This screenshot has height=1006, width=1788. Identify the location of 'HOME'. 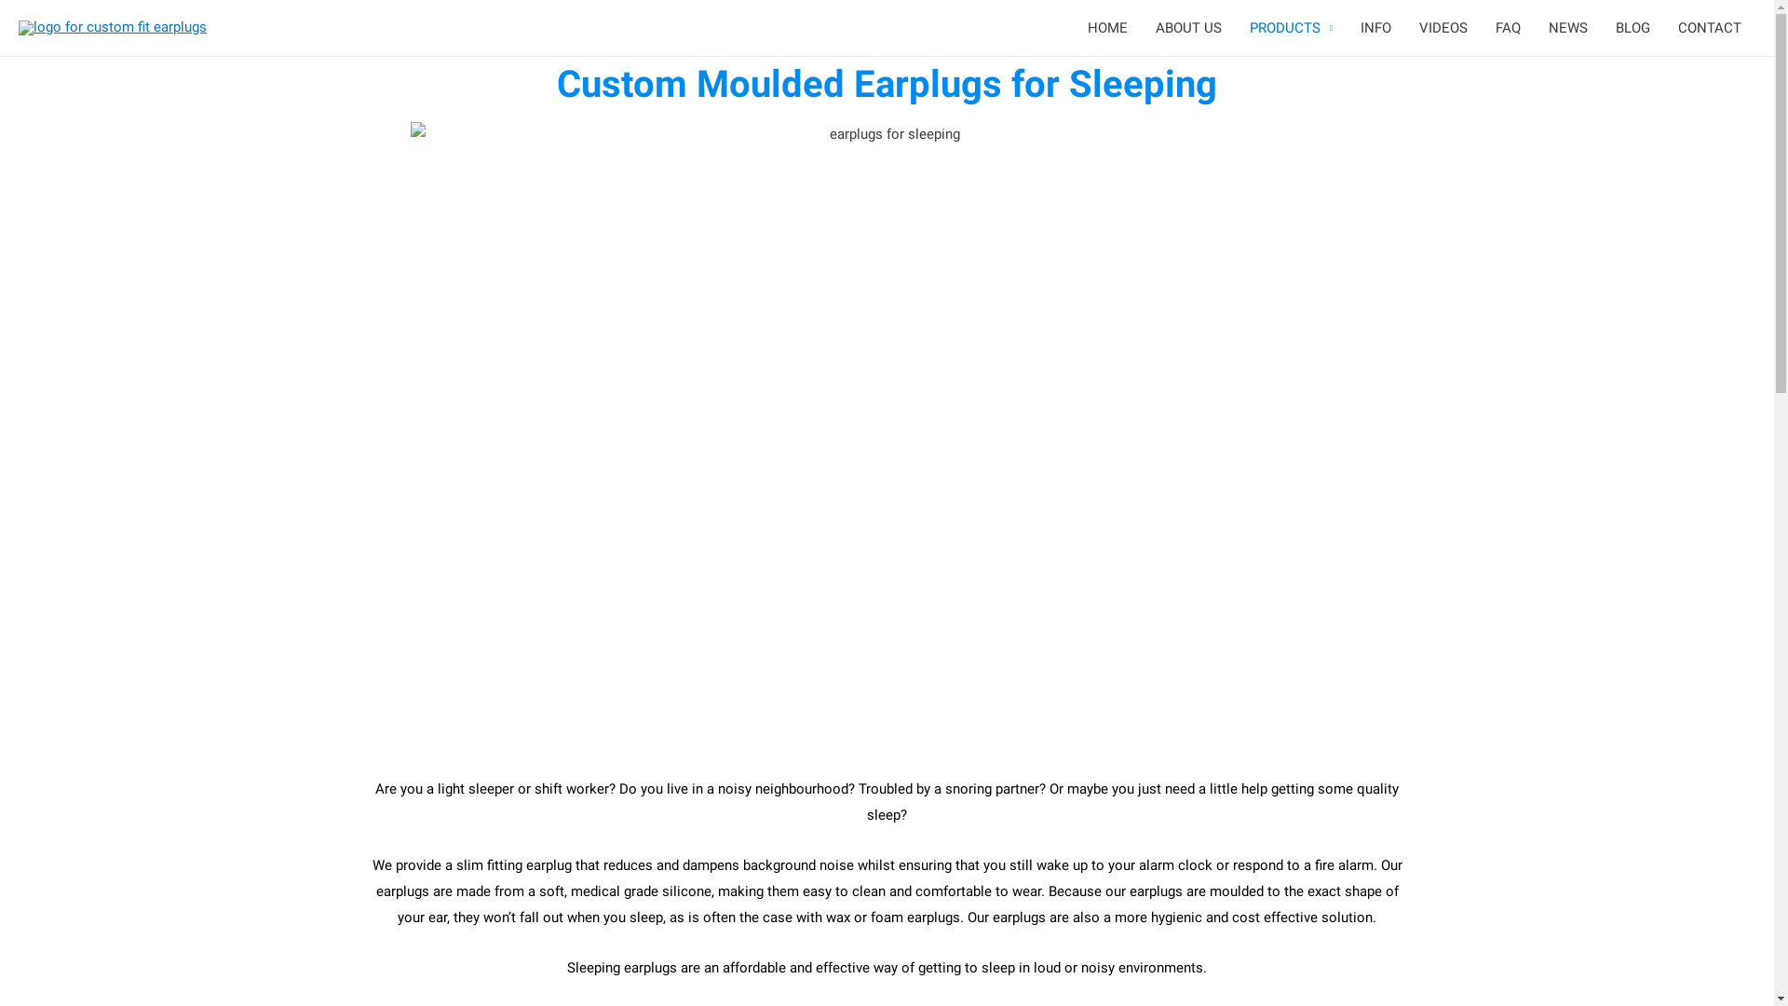
(1107, 28).